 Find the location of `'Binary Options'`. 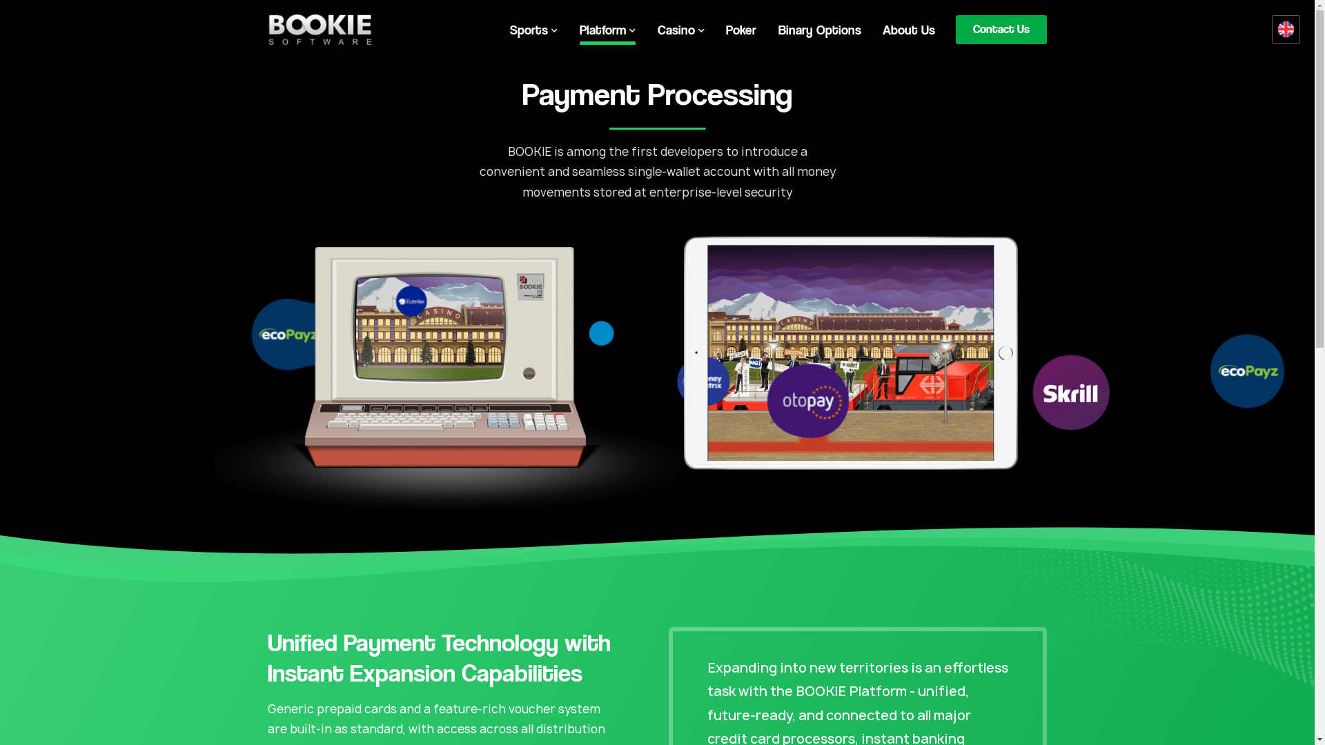

'Binary Options' is located at coordinates (698, 26).